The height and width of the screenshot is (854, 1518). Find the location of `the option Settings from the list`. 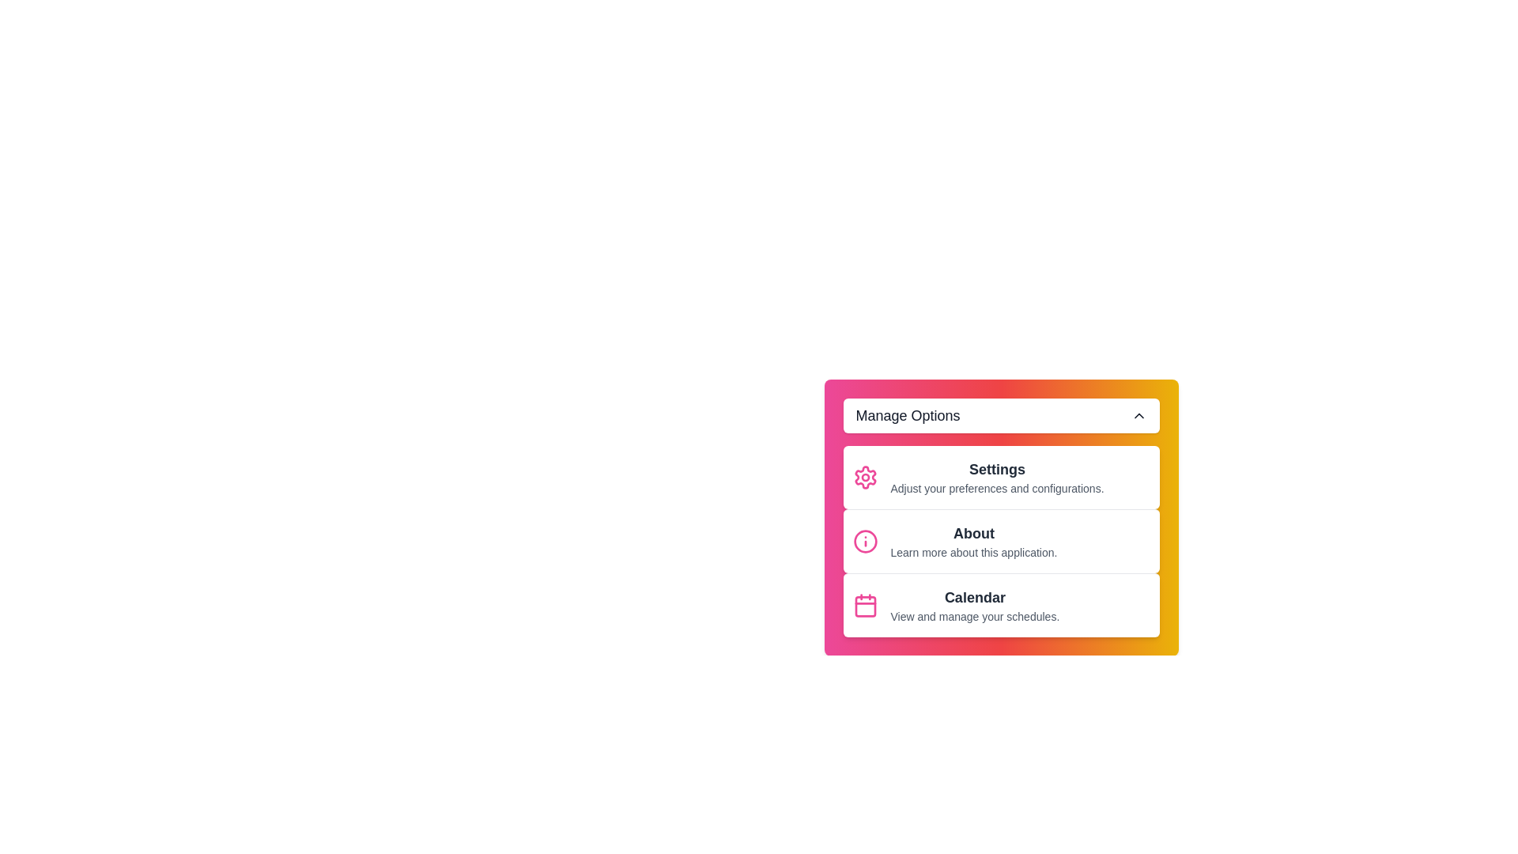

the option Settings from the list is located at coordinates (1000, 477).